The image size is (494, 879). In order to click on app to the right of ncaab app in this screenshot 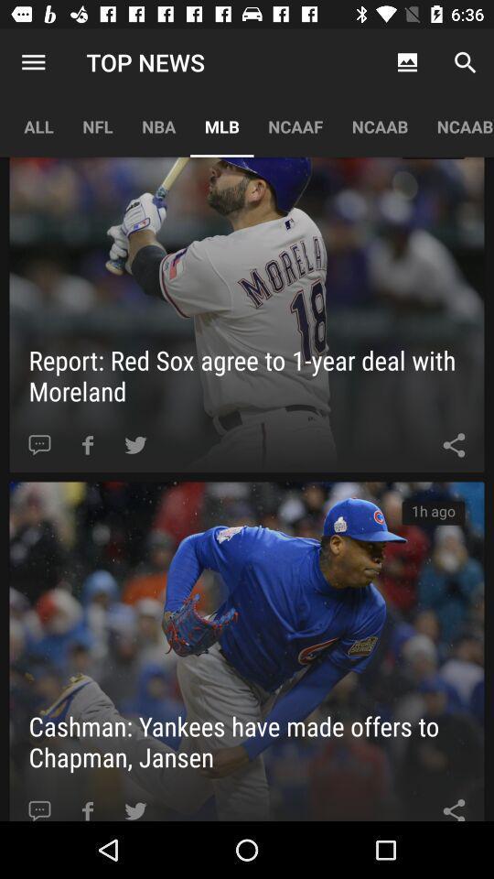, I will do `click(457, 125)`.